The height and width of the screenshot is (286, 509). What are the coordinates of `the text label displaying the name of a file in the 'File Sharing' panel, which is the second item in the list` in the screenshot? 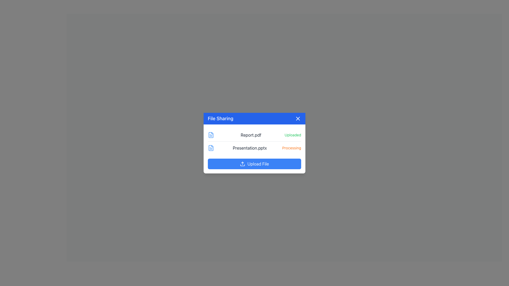 It's located at (249, 148).